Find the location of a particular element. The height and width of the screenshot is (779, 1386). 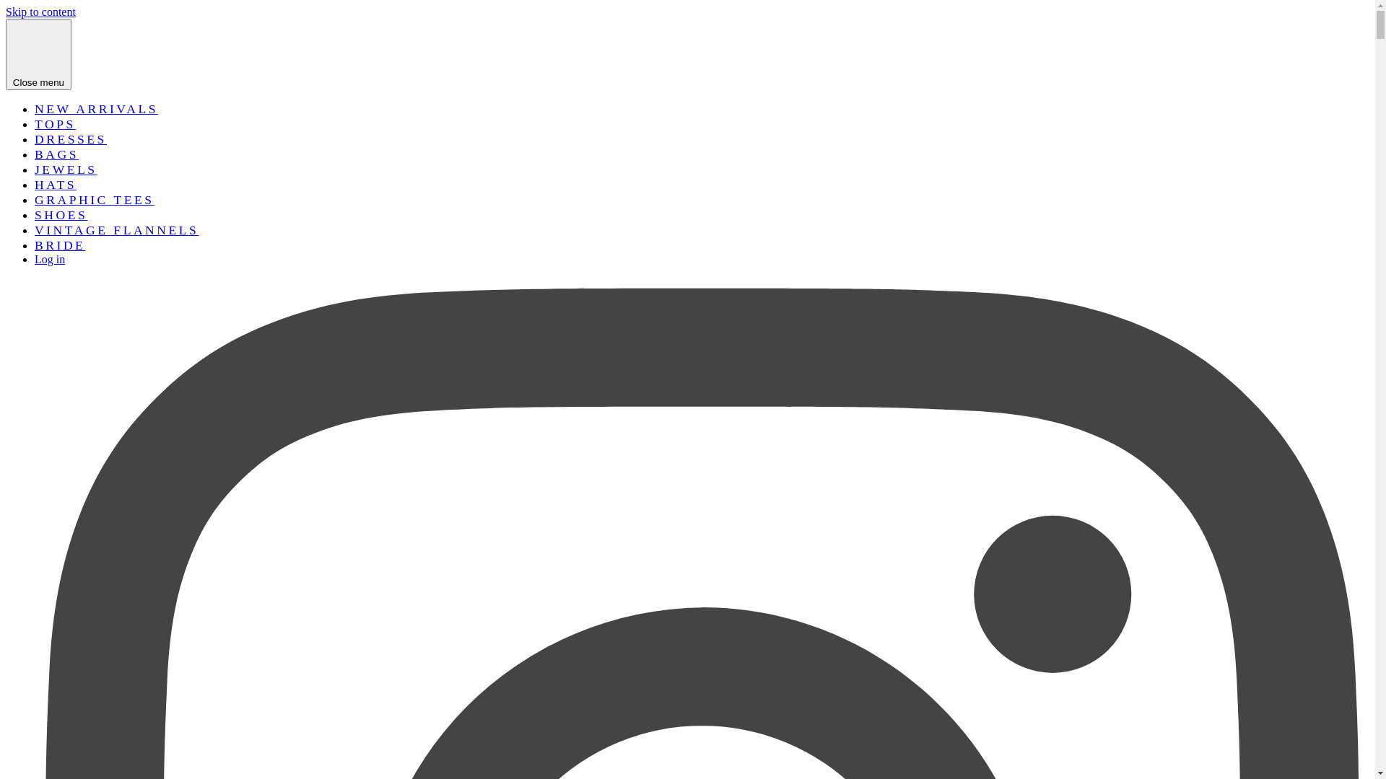

'BRIDE' is located at coordinates (35, 244).